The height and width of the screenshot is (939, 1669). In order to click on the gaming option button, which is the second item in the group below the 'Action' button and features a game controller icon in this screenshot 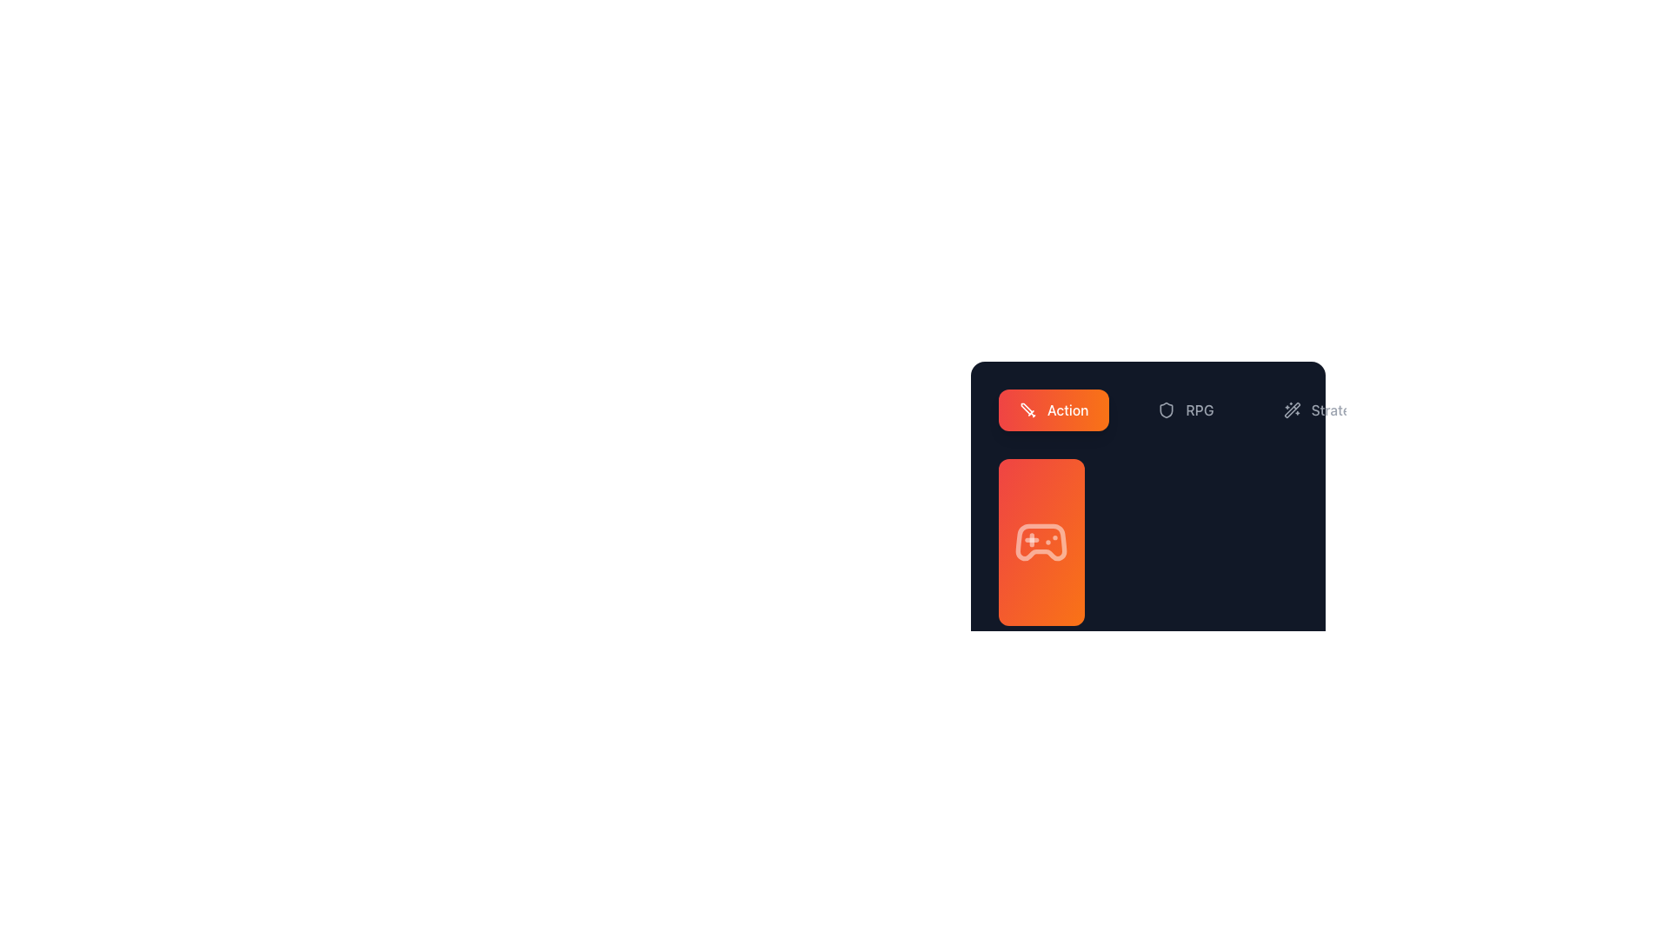, I will do `click(1041, 542)`.